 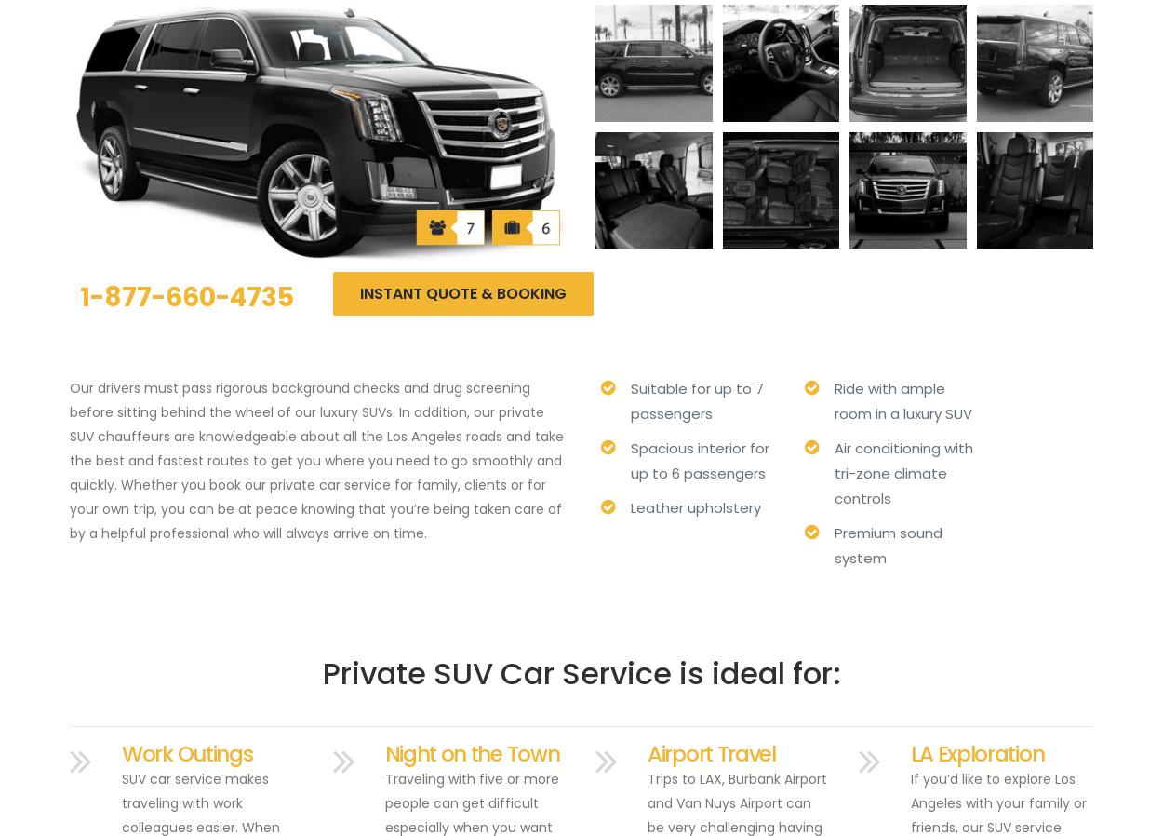 What do you see at coordinates (647, 753) in the screenshot?
I see `'Airport Travel'` at bounding box center [647, 753].